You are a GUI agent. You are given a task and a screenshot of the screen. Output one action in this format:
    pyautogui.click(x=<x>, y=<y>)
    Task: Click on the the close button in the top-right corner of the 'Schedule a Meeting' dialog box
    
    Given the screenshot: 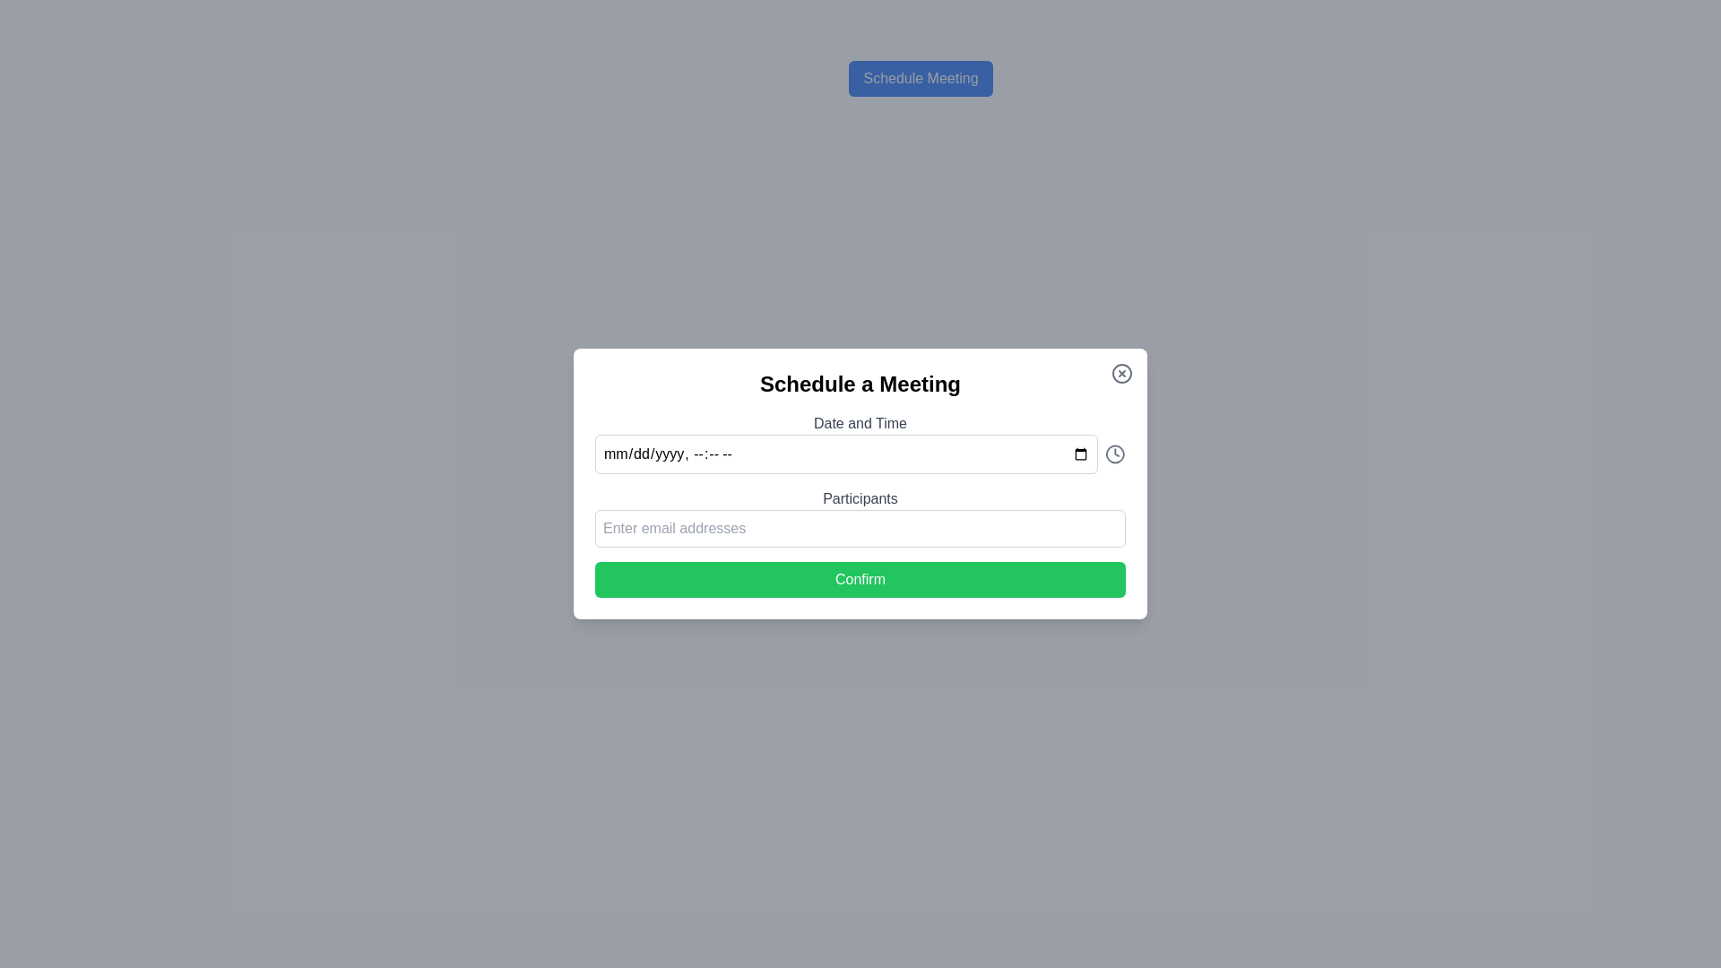 What is the action you would take?
    pyautogui.click(x=1121, y=372)
    